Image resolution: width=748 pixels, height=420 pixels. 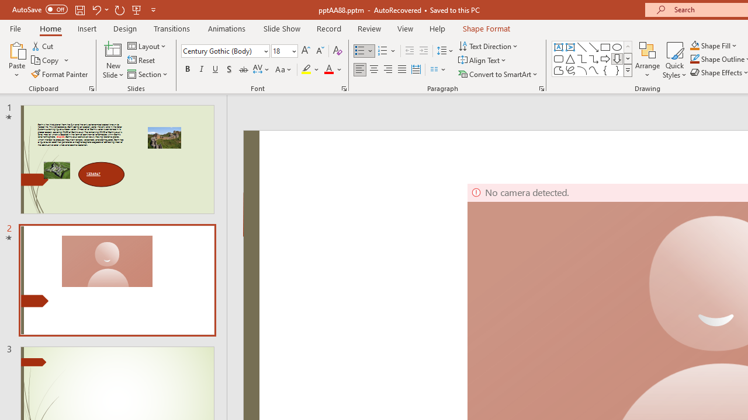 What do you see at coordinates (50, 28) in the screenshot?
I see `'Home'` at bounding box center [50, 28].